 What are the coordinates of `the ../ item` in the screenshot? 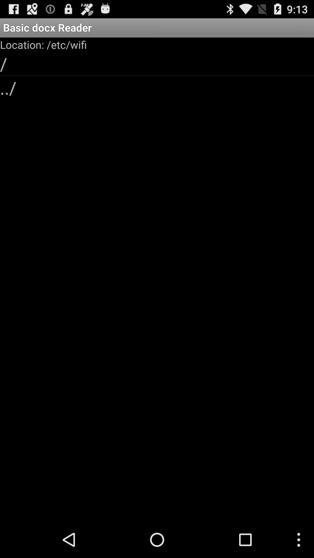 It's located at (157, 87).